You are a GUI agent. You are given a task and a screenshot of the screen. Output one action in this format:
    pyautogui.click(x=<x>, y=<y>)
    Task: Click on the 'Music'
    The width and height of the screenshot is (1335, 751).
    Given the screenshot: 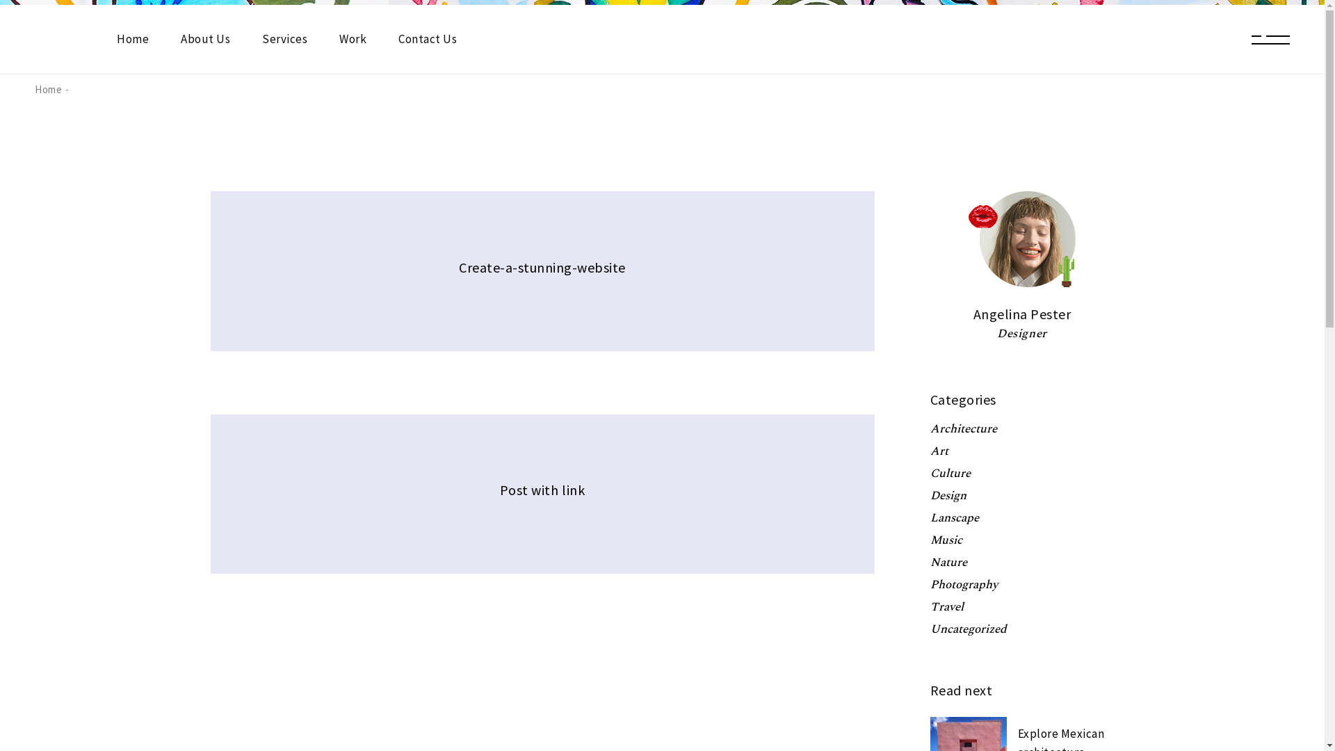 What is the action you would take?
    pyautogui.click(x=930, y=539)
    